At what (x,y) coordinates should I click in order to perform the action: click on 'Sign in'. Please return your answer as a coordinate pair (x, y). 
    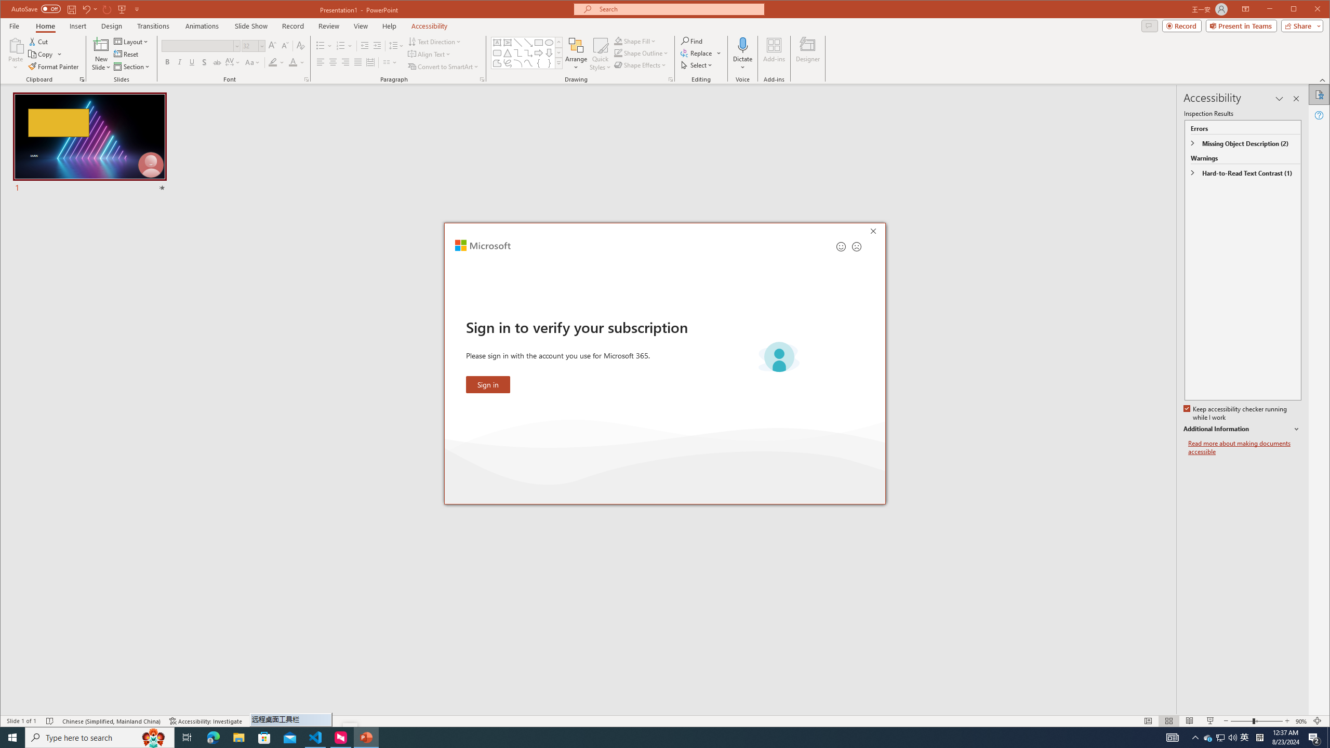
    Looking at the image, I should click on (487, 384).